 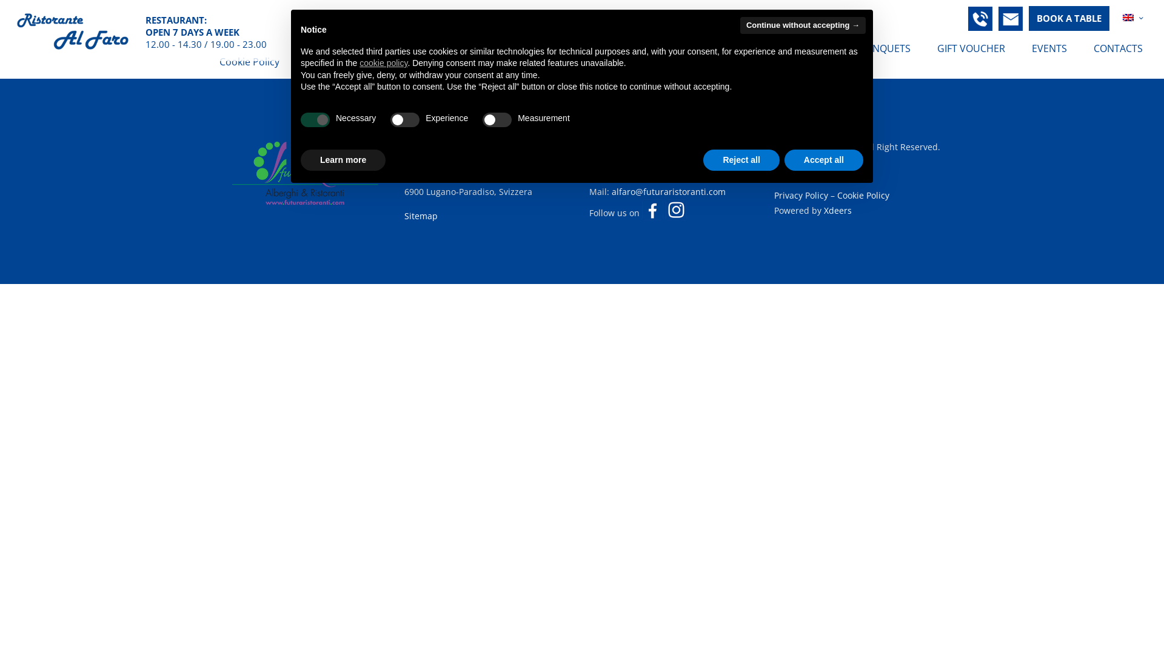 What do you see at coordinates (823, 160) in the screenshot?
I see `'Accept all'` at bounding box center [823, 160].